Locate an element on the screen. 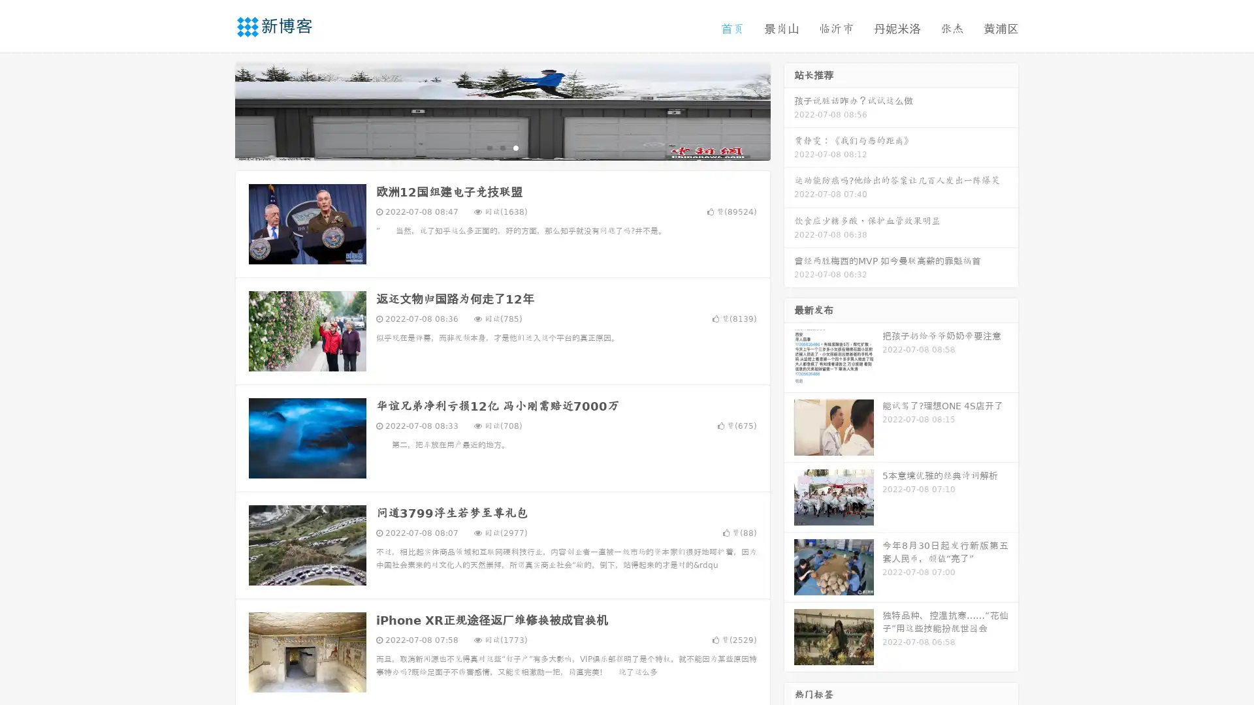 The width and height of the screenshot is (1254, 705). Go to slide 2 is located at coordinates (502, 147).